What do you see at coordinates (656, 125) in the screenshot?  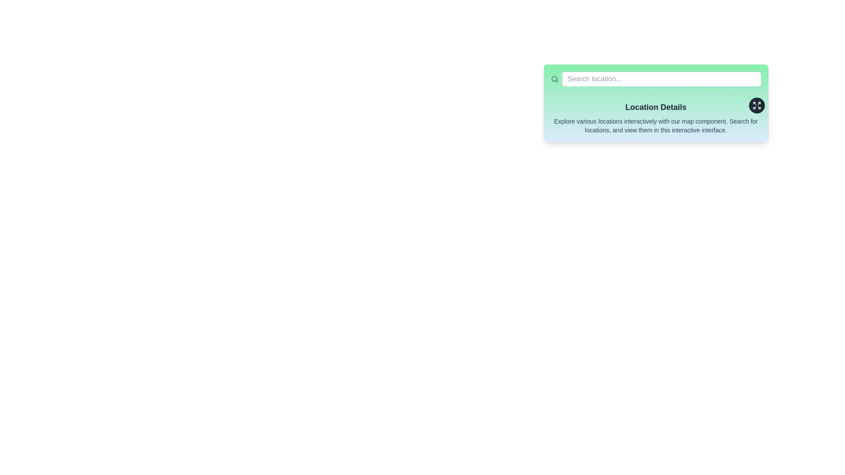 I see `descriptive text located in a small-sized gray font below the 'Location Details' heading, within a light green section of the interface` at bounding box center [656, 125].